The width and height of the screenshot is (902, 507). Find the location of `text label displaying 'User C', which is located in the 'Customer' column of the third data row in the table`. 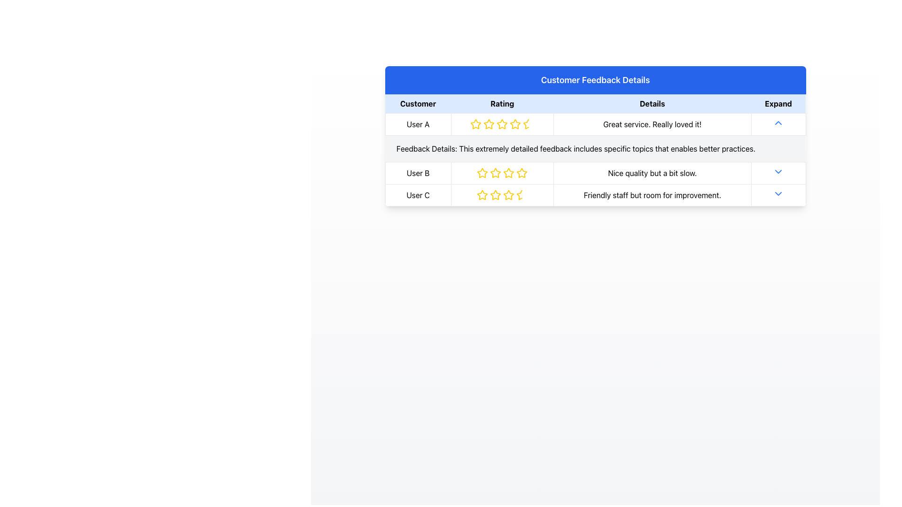

text label displaying 'User C', which is located in the 'Customer' column of the third data row in the table is located at coordinates (418, 195).